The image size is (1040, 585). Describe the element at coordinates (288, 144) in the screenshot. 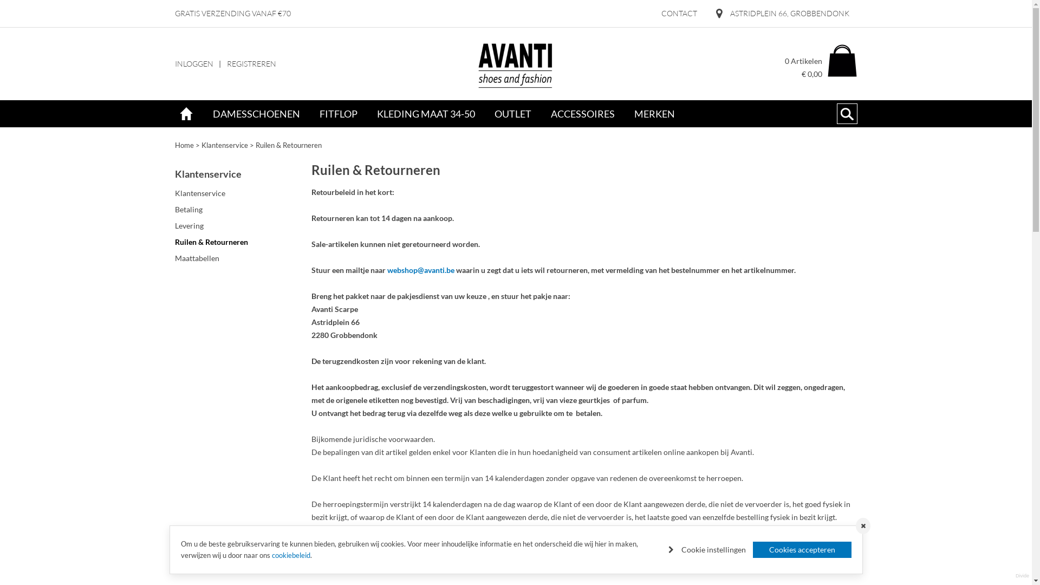

I see `'Ruilen & Retourneren'` at that location.